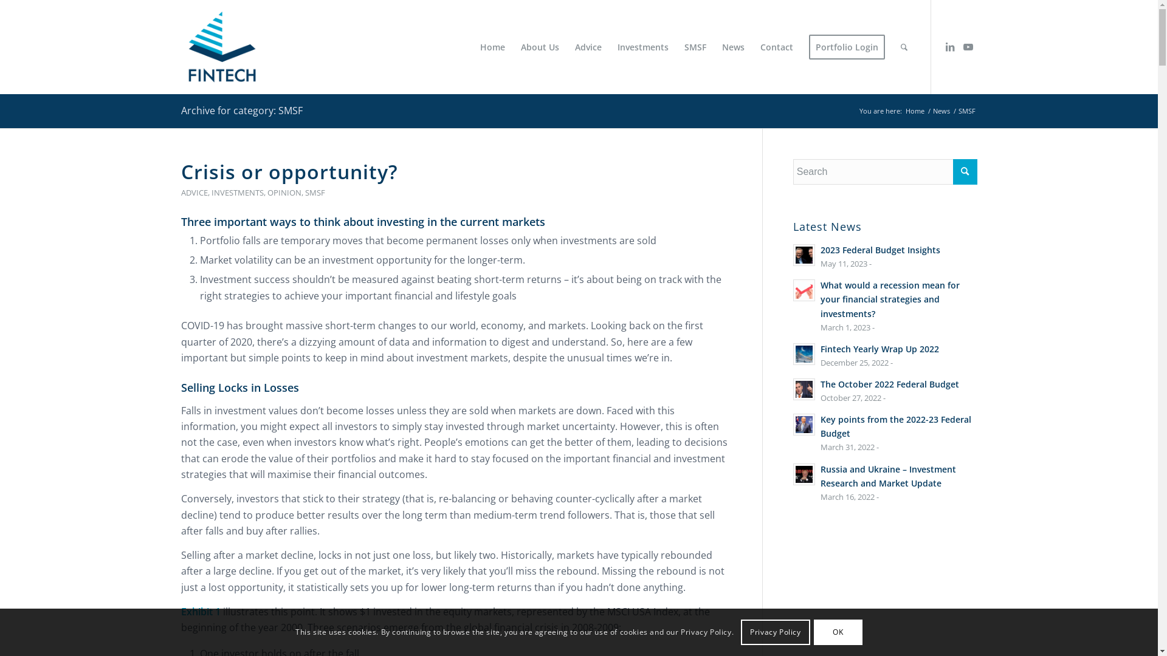  I want to click on 'Read: 2023 Federal Budget Insights', so click(804, 255).